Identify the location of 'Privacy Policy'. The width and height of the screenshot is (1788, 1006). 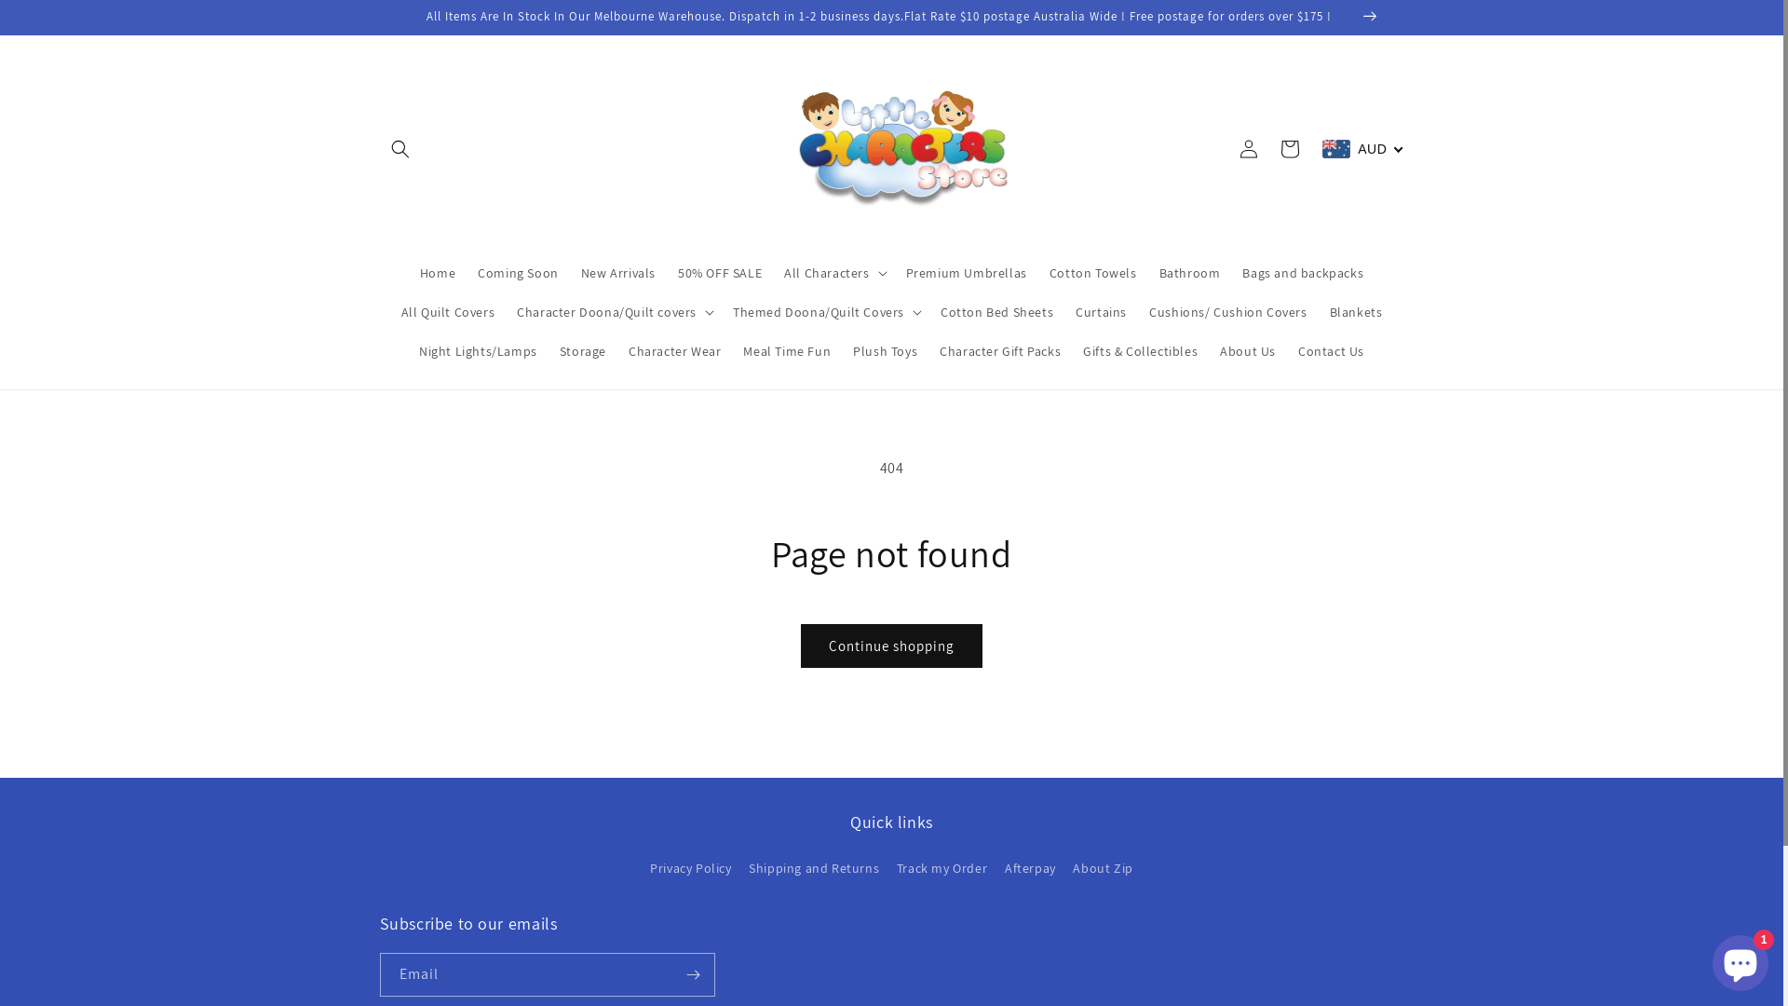
(649, 870).